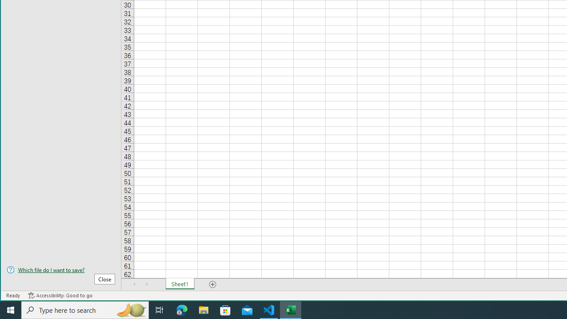 The image size is (567, 319). Describe the element at coordinates (225, 309) in the screenshot. I see `'Microsoft Store'` at that location.